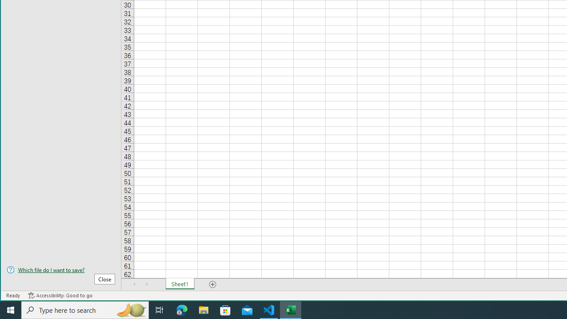 The image size is (567, 319). Describe the element at coordinates (225, 309) in the screenshot. I see `'Microsoft Store'` at that location.